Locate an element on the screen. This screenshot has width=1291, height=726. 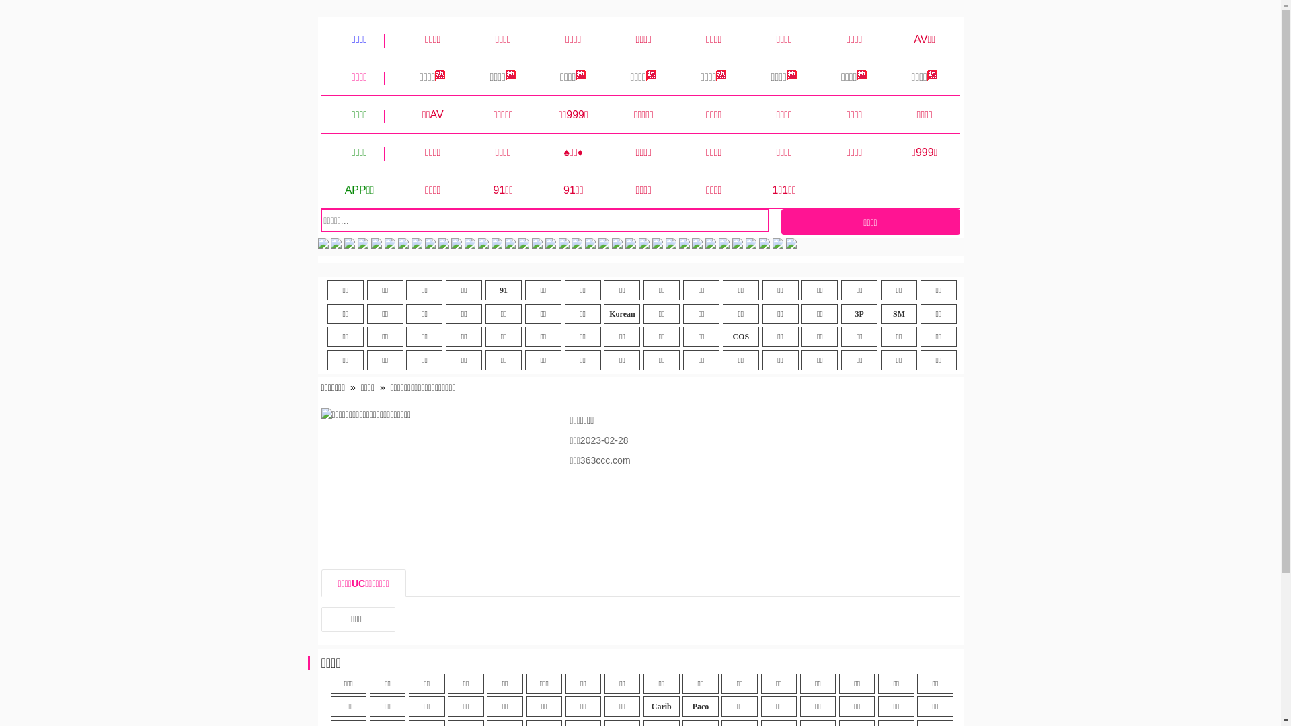
'Korean' is located at coordinates (621, 313).